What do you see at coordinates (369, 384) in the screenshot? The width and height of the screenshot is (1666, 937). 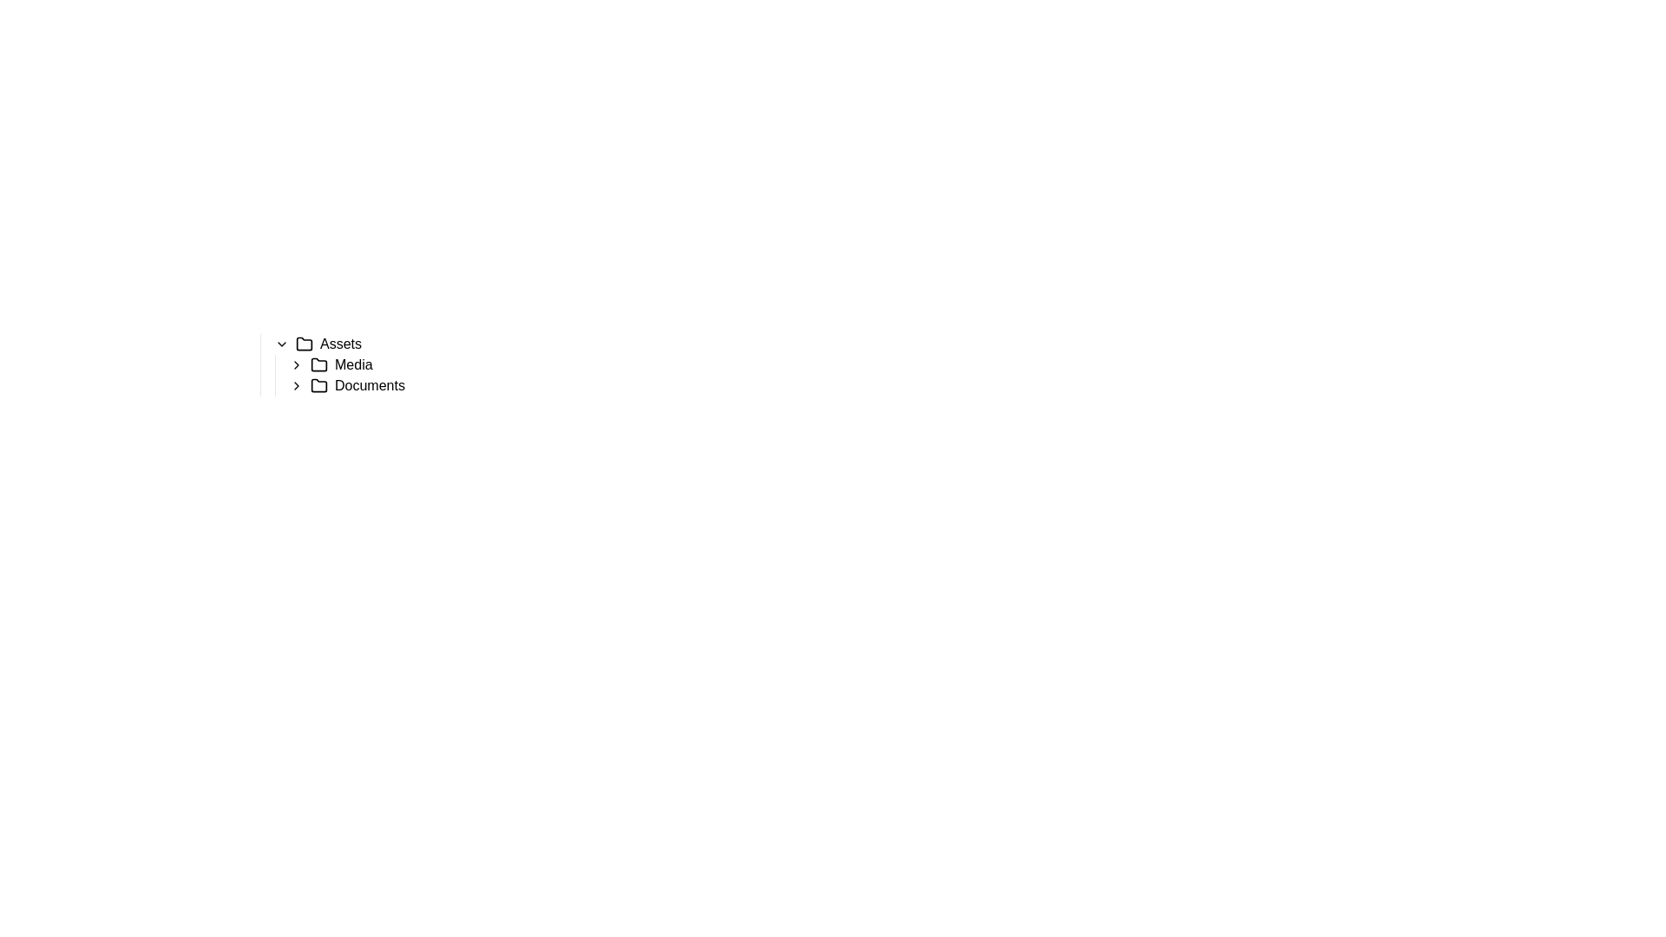 I see `the 'Documents' Text Label in the navigation tree` at bounding box center [369, 384].